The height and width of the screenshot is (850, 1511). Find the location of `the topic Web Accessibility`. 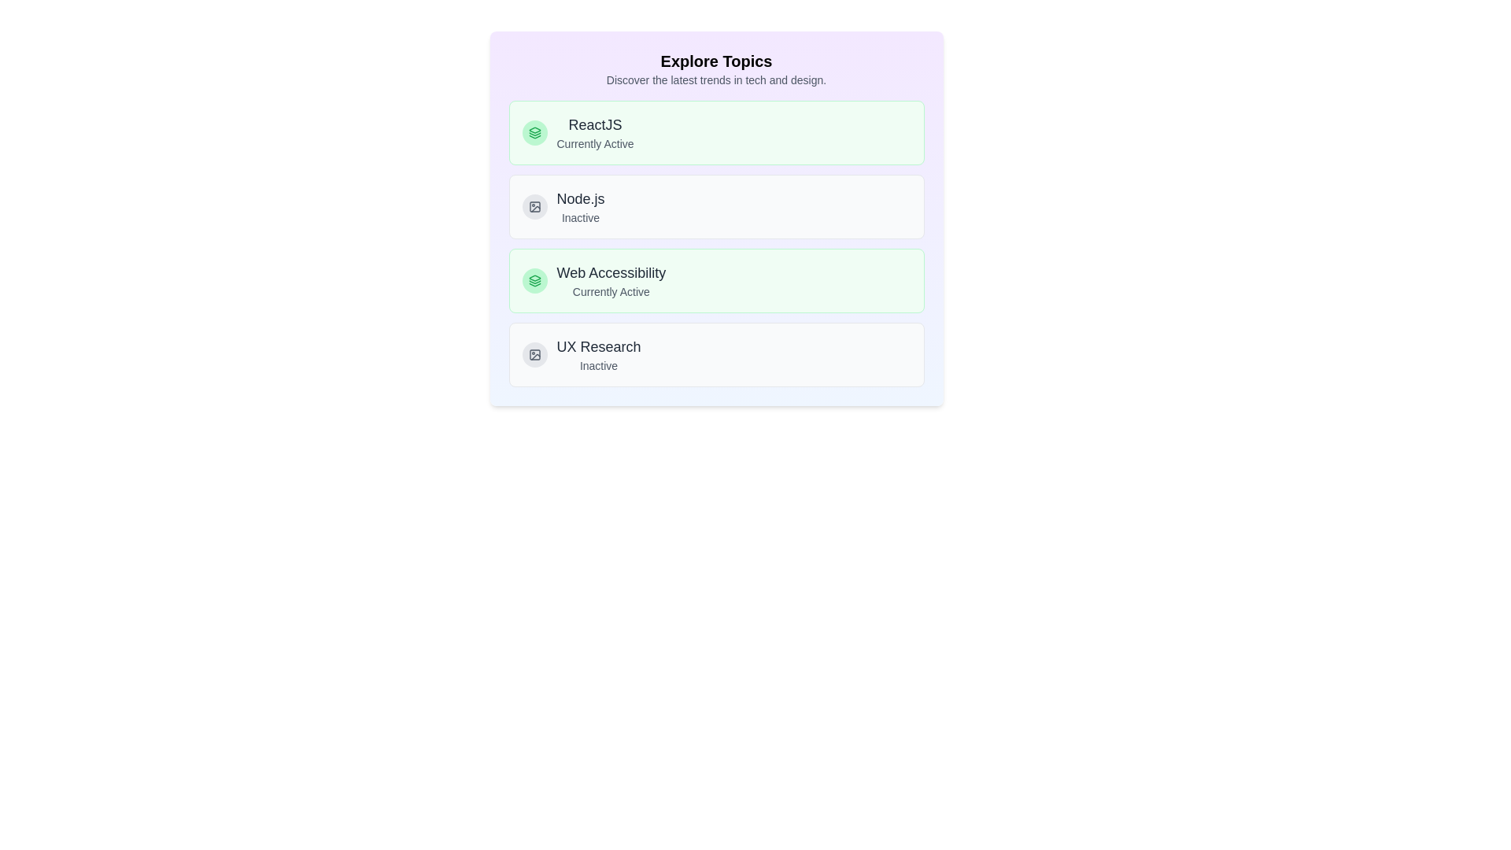

the topic Web Accessibility is located at coordinates (715, 280).